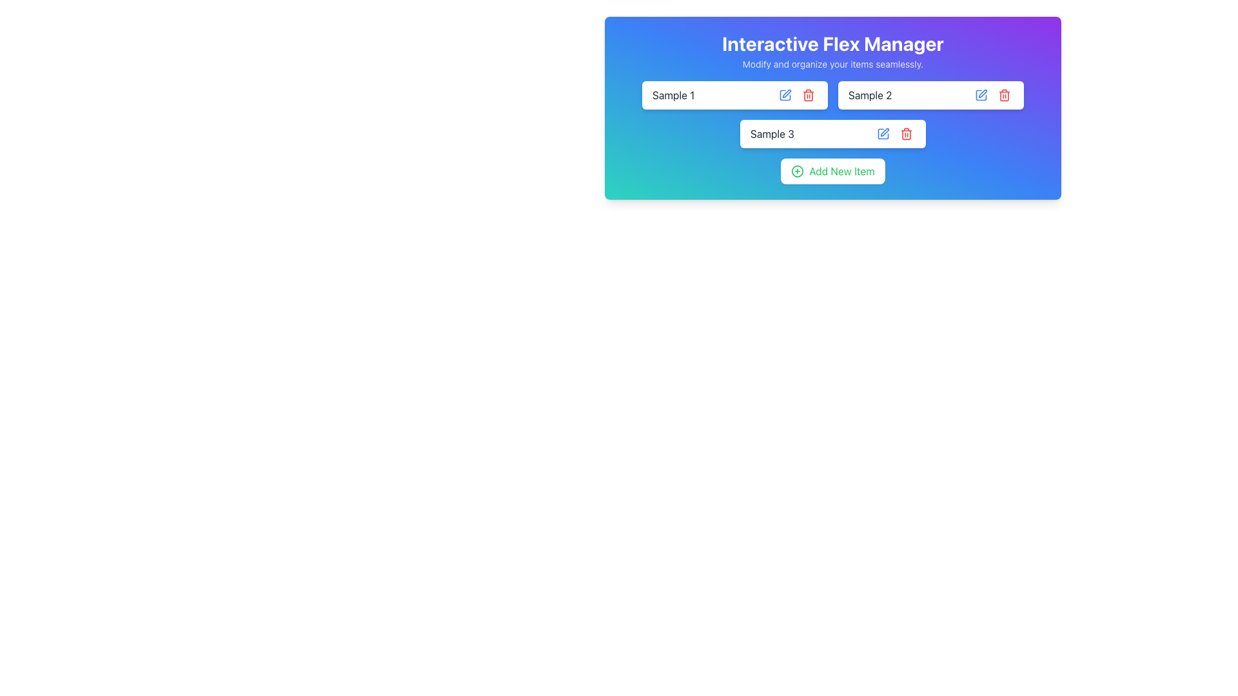 This screenshot has width=1238, height=696. Describe the element at coordinates (832, 51) in the screenshot. I see `the Header text block titled 'Interactive Flex Manager' with a subtitle stating 'Modify and organize your items seamlessly.'` at that location.